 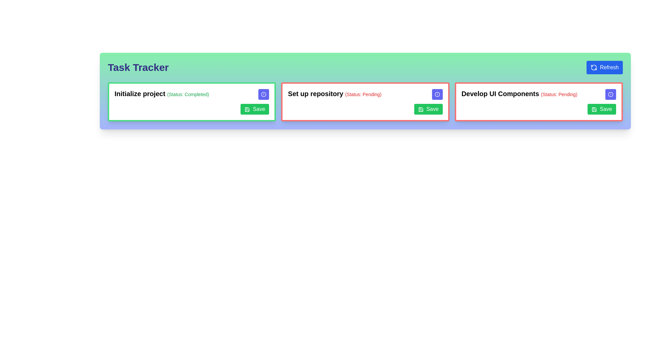 I want to click on the green 'Save' button which contains the floppy disk icon positioned towards the left side of the text 'Save', so click(x=594, y=109).